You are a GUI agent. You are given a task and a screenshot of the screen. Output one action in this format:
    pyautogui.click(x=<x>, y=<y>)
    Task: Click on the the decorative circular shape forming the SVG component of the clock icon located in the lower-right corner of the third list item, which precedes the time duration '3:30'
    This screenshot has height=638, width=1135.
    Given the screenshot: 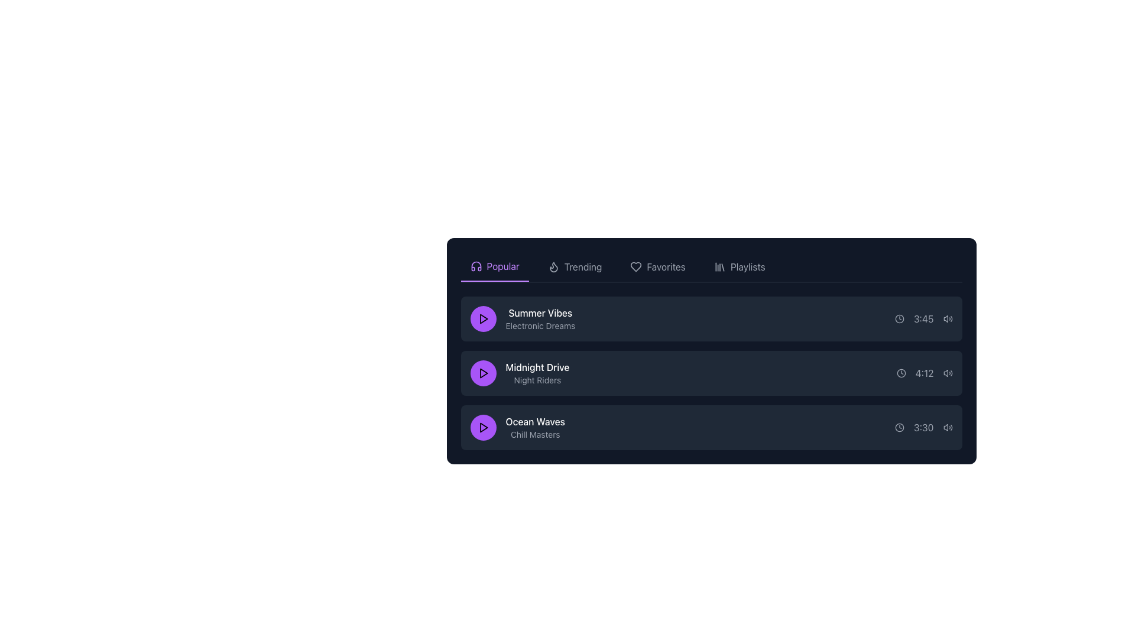 What is the action you would take?
    pyautogui.click(x=899, y=428)
    